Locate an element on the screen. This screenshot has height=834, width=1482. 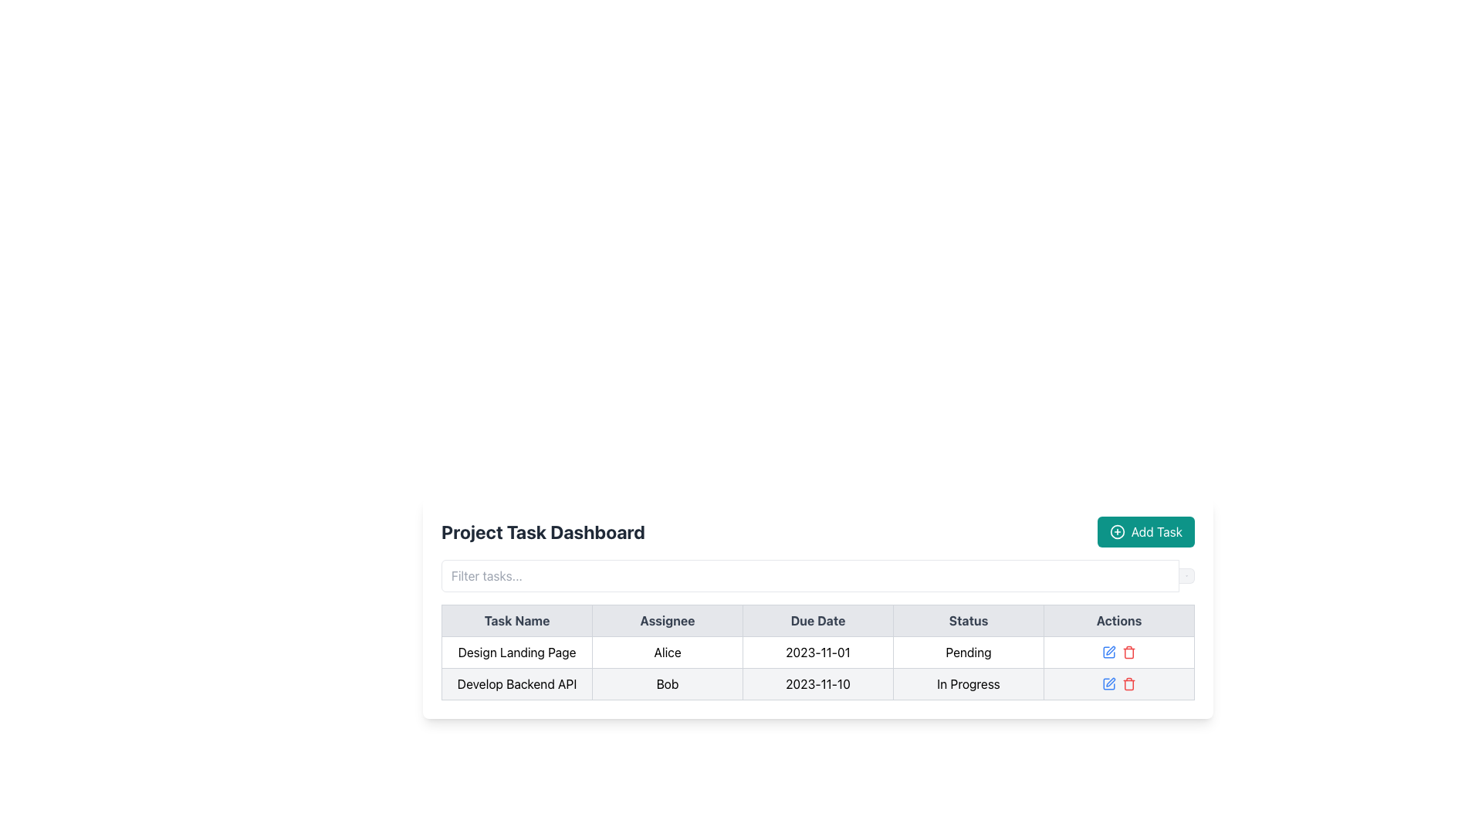
on the 'Develop Backend API' text label, which is a bordered rectangular box in the 'Task Name' column of the table is located at coordinates (517, 683).